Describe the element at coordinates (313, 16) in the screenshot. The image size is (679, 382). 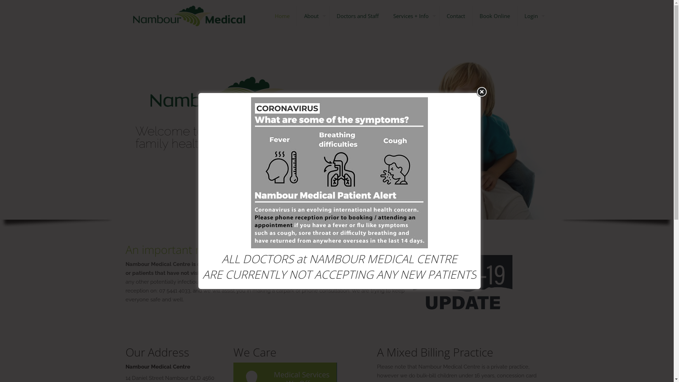
I see `'About'` at that location.